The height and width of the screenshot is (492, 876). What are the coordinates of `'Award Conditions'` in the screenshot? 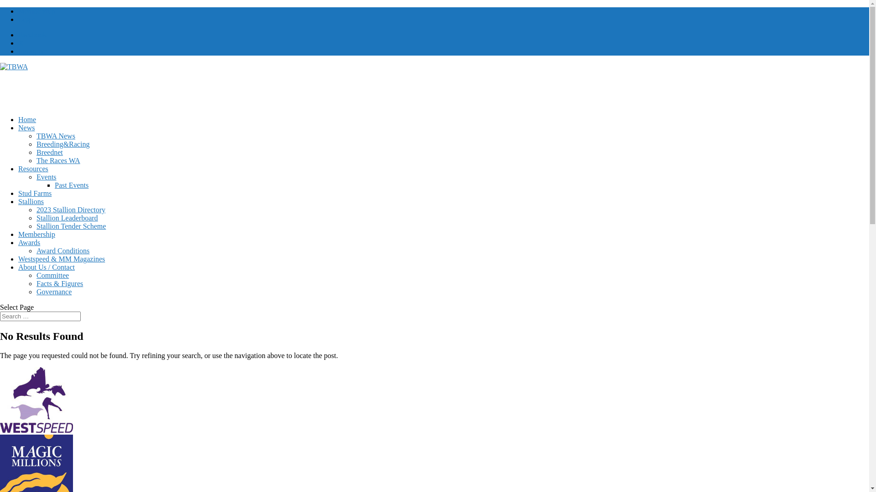 It's located at (63, 251).